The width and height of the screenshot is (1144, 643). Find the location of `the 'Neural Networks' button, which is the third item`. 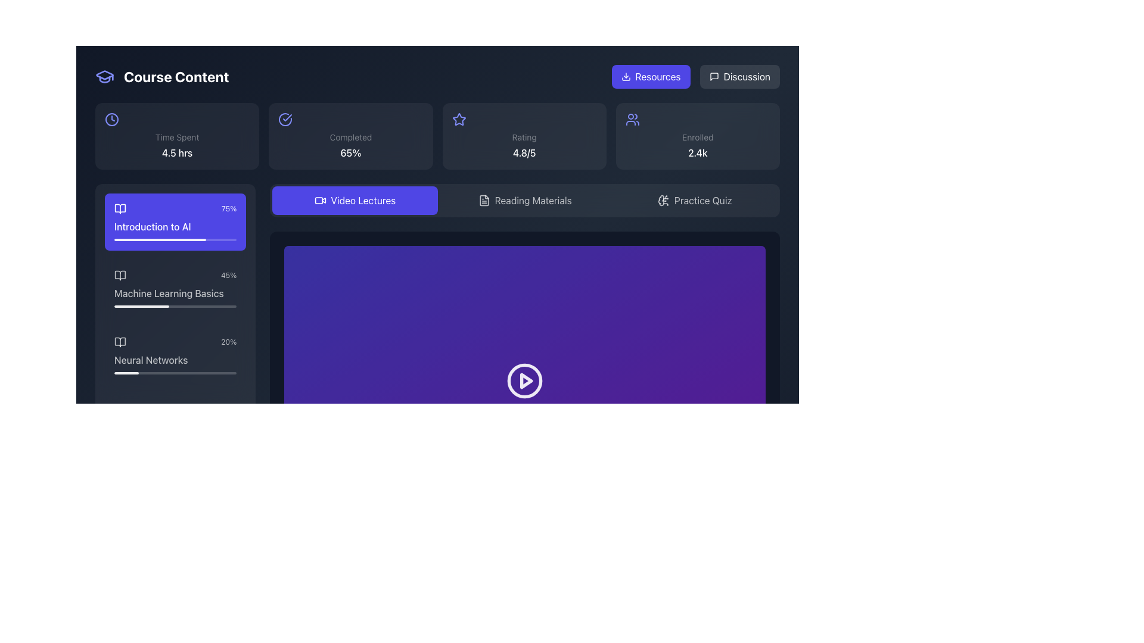

the 'Neural Networks' button, which is the third item is located at coordinates (175, 355).